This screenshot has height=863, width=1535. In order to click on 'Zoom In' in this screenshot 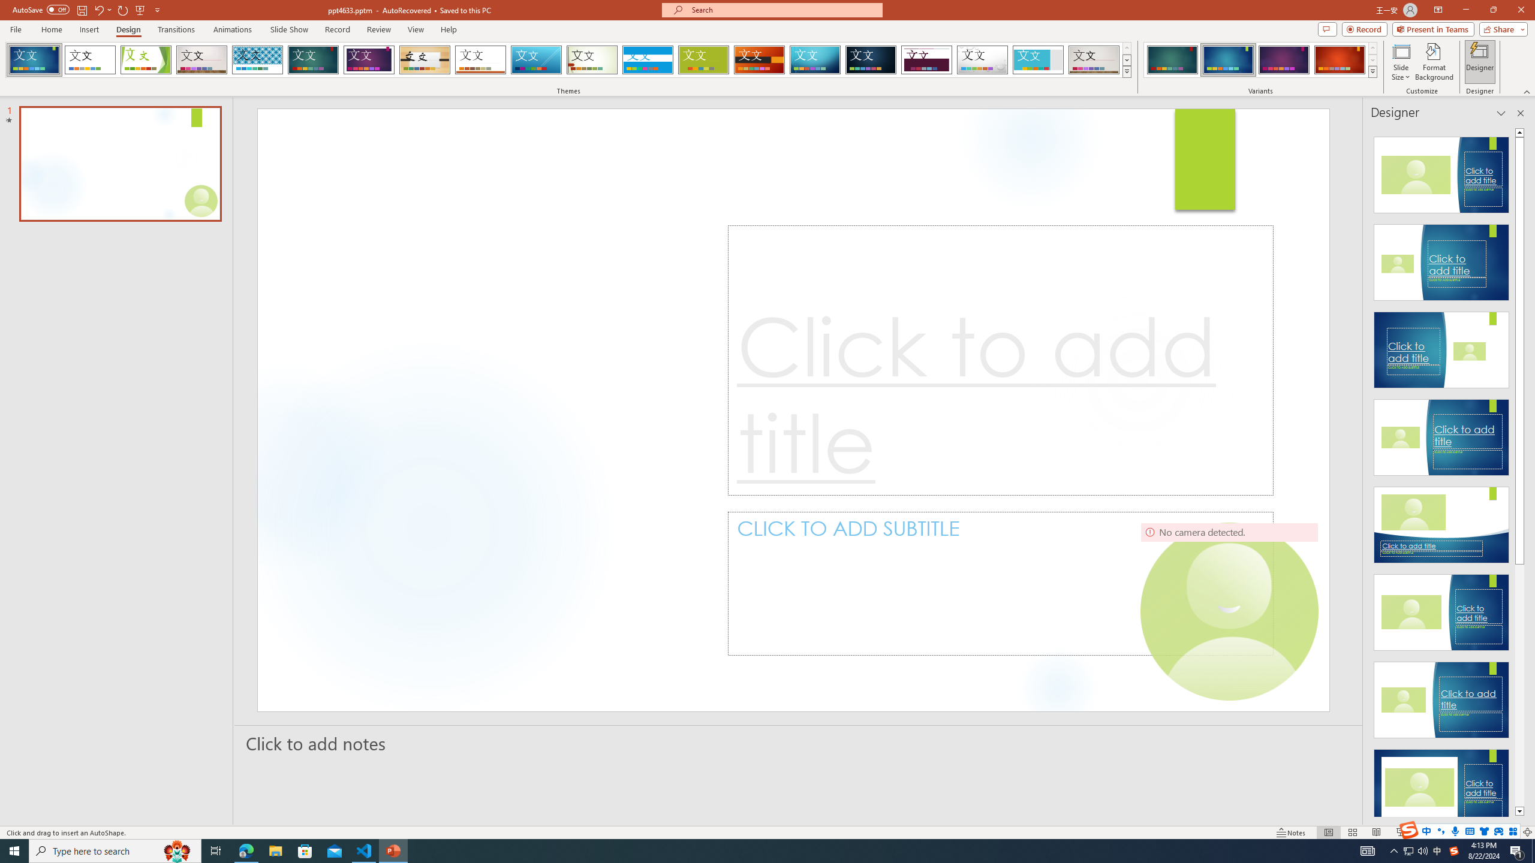, I will do `click(1489, 832)`.